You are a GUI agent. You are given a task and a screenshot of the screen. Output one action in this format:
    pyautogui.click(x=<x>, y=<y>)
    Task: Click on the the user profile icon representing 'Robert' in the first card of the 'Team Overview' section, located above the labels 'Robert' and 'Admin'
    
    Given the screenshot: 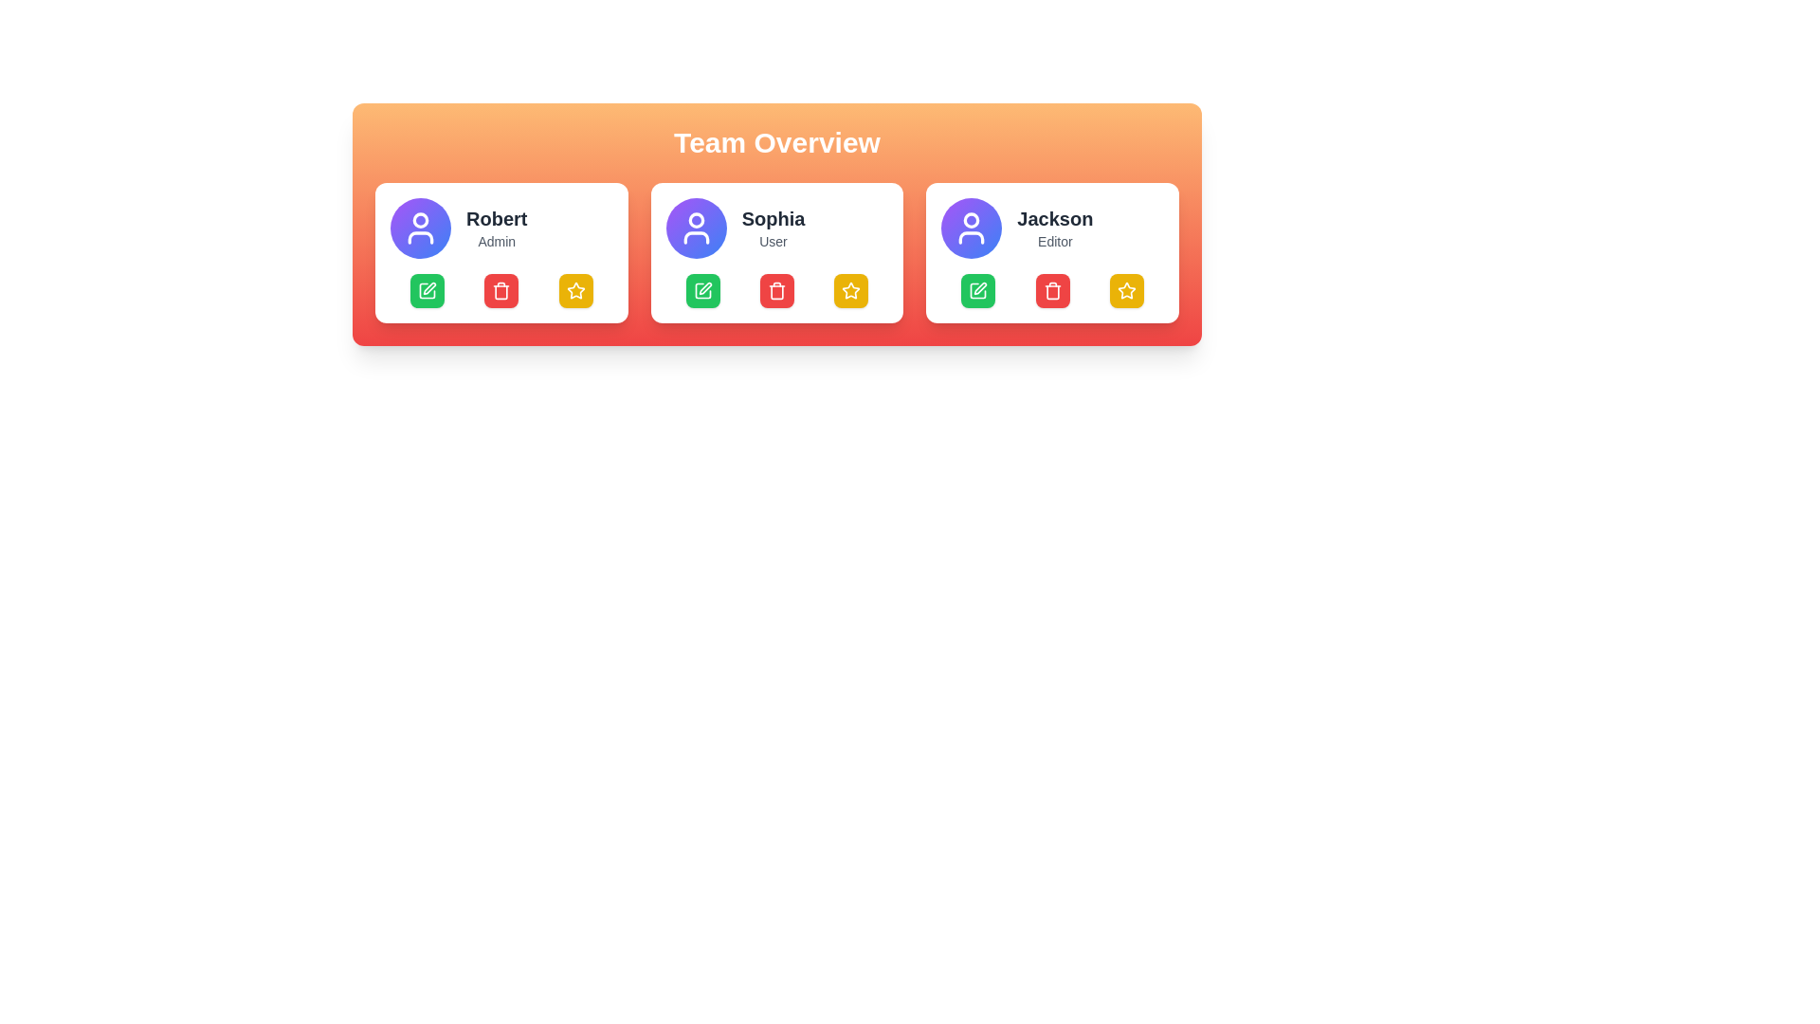 What is the action you would take?
    pyautogui.click(x=420, y=227)
    